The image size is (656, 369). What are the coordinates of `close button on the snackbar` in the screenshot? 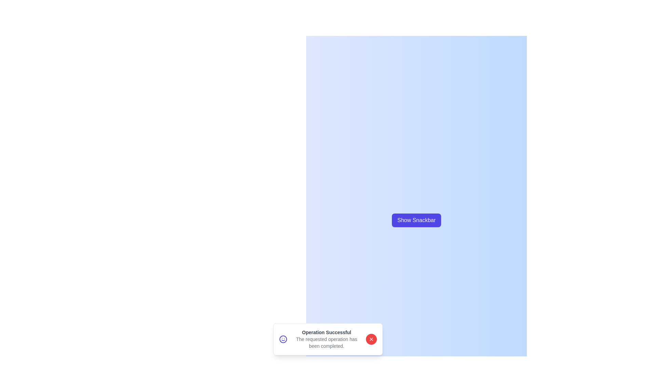 It's located at (371, 339).